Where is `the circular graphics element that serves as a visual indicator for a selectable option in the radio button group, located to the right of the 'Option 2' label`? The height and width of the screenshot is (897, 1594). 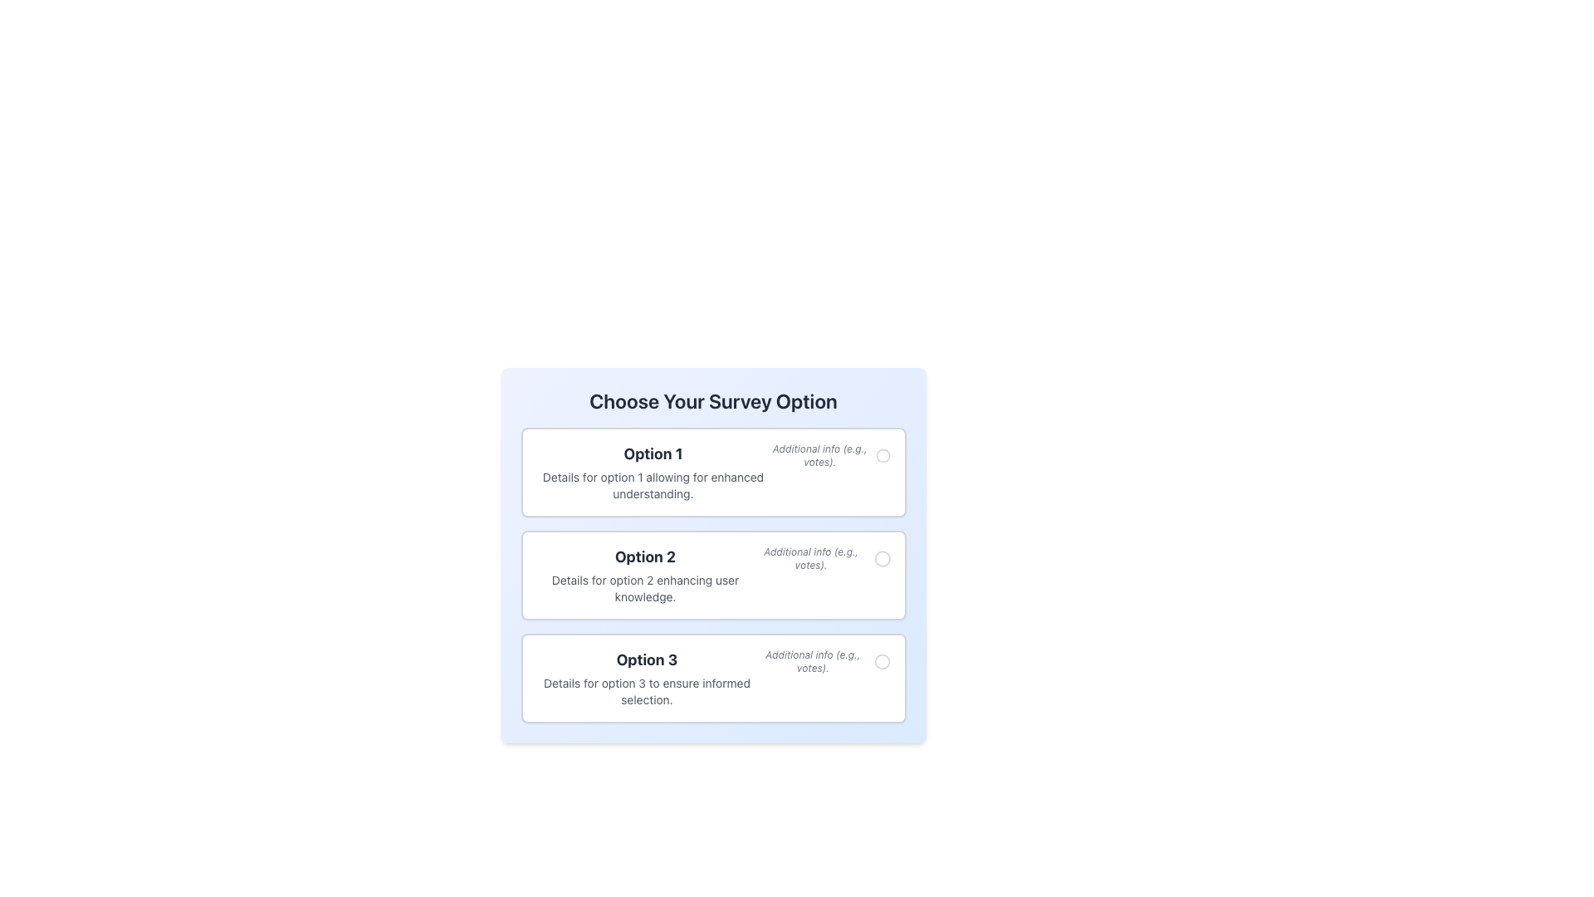 the circular graphics element that serves as a visual indicator for a selectable option in the radio button group, located to the right of the 'Option 2' label is located at coordinates (882, 558).